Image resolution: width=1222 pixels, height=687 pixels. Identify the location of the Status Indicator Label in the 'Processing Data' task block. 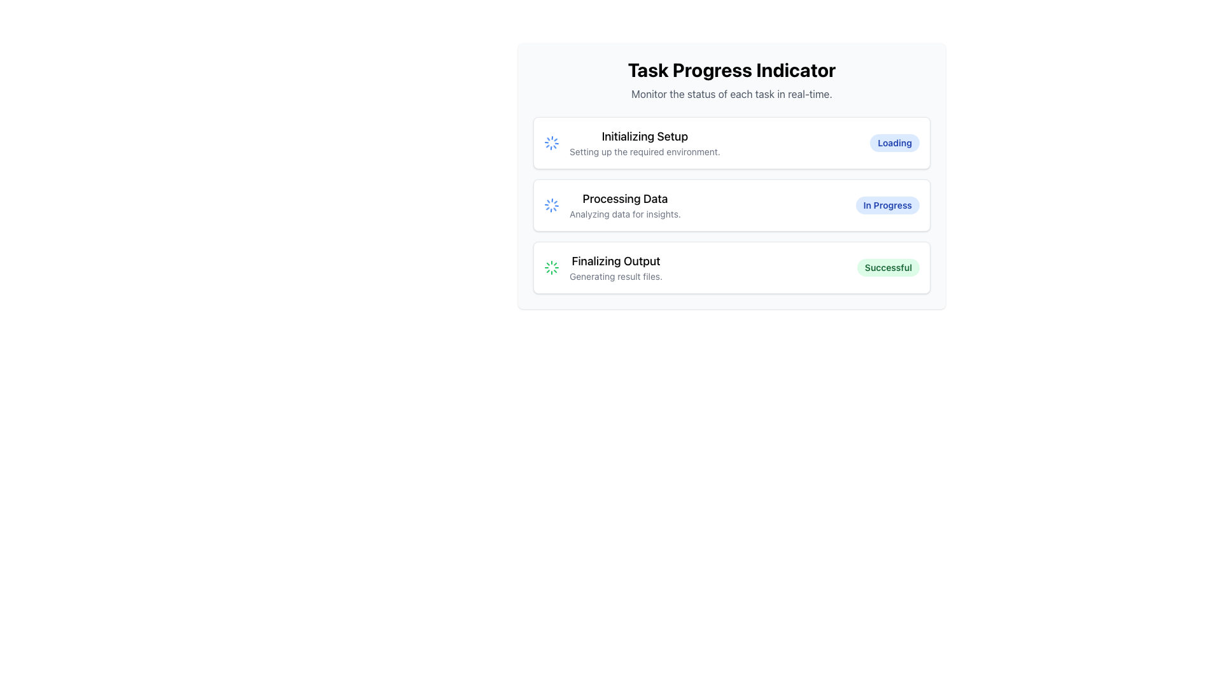
(887, 205).